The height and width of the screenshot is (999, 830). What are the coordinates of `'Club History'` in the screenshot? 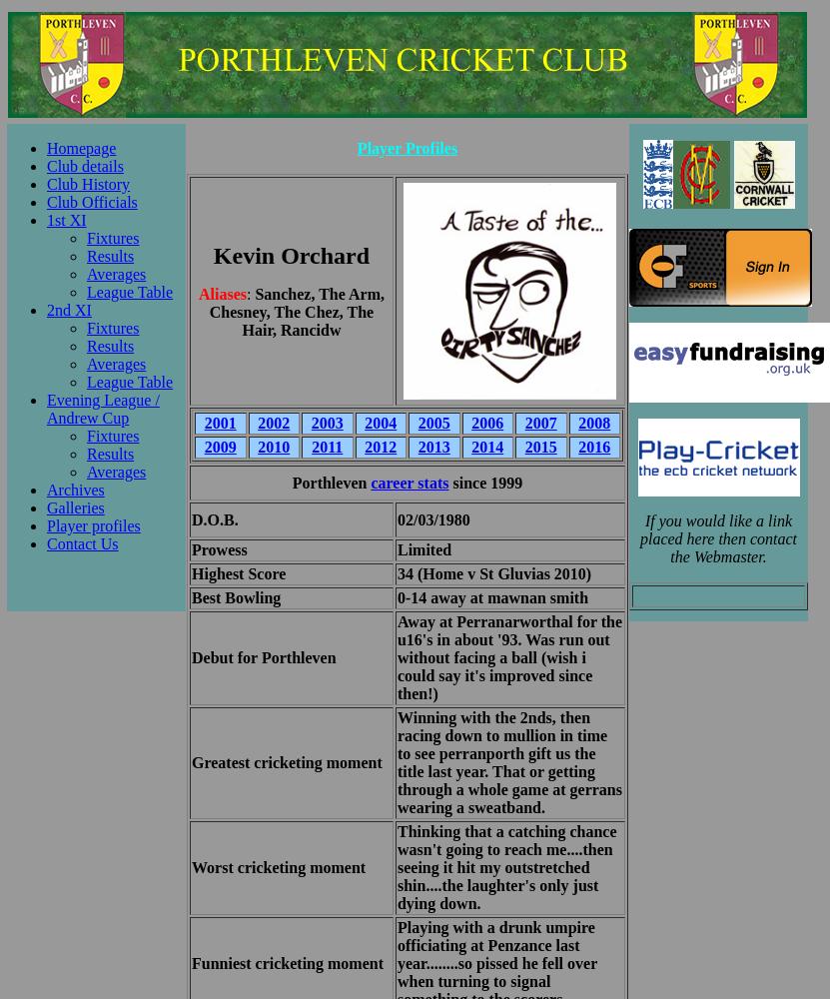 It's located at (87, 184).